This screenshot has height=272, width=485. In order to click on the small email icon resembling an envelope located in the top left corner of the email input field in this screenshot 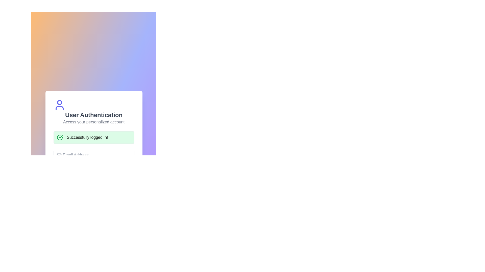, I will do `click(59, 155)`.